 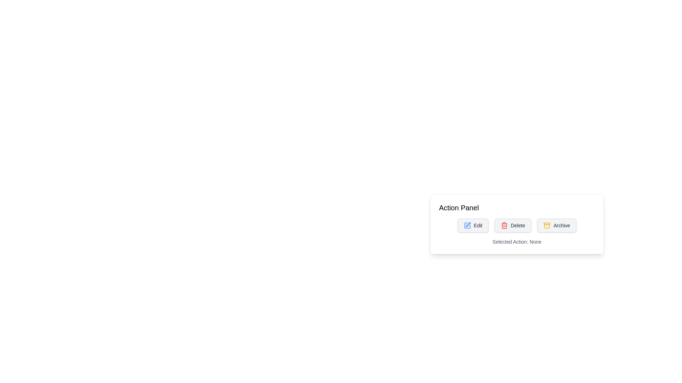 I want to click on the information display Text label located at the bottom of the 'Action Panel', which shows the current selection or status of an action, so click(x=517, y=242).